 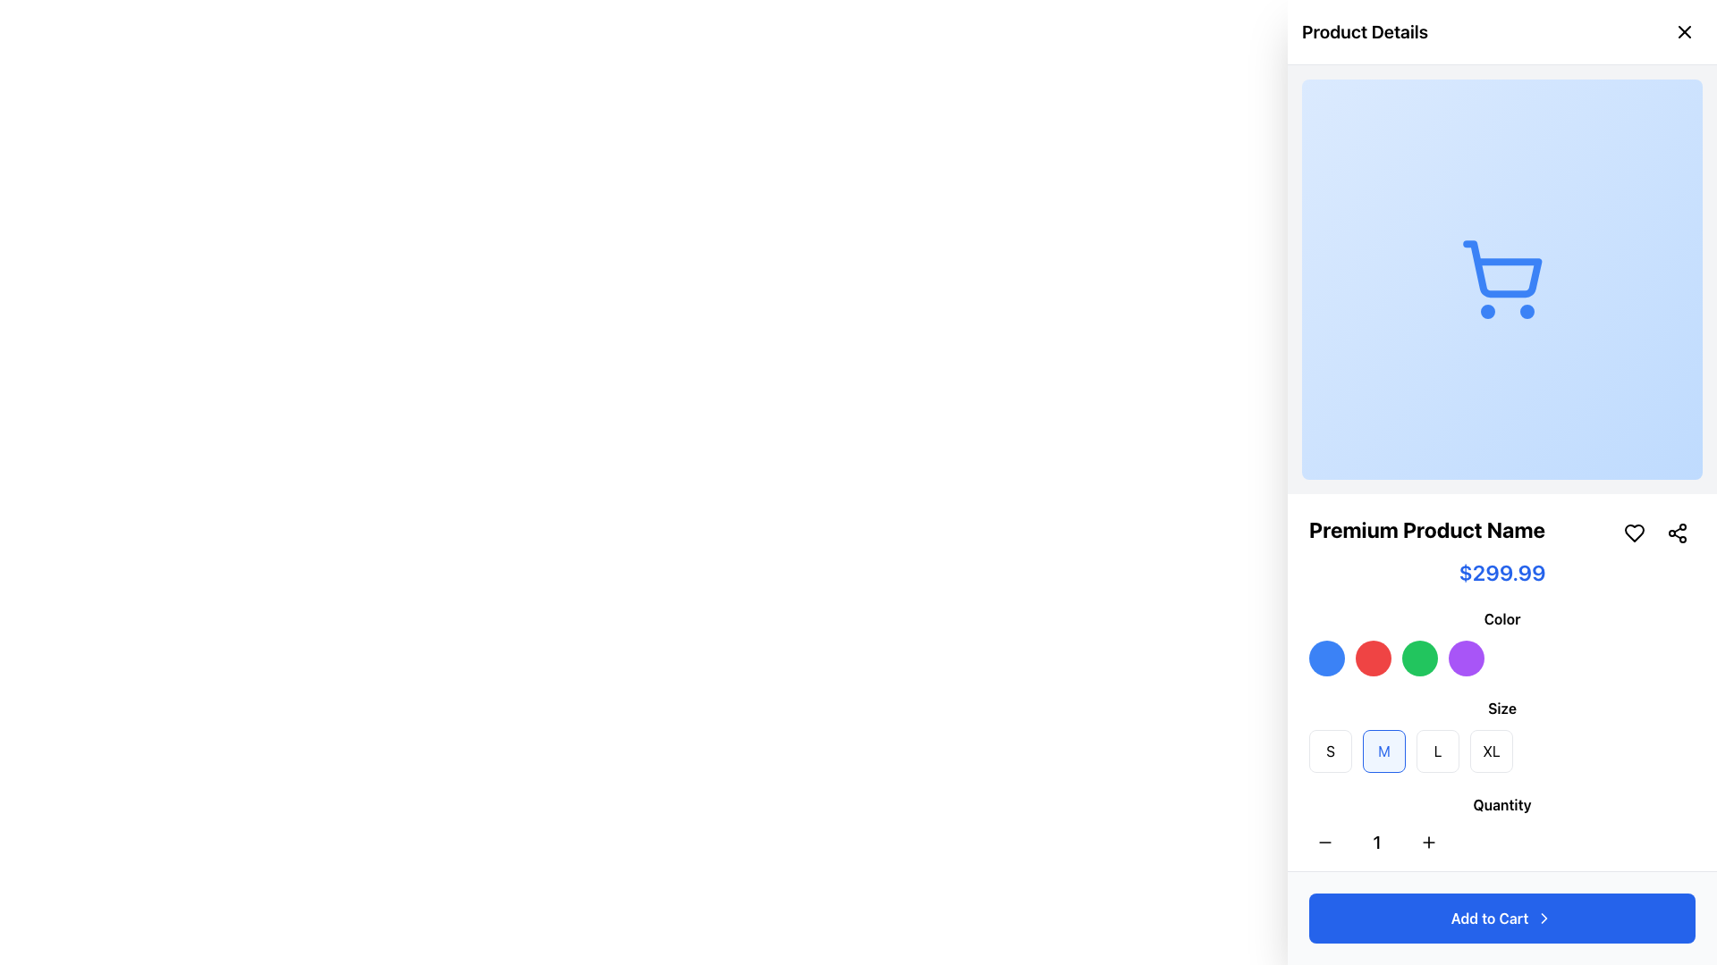 What do you see at coordinates (1325, 842) in the screenshot?
I see `the minus sign button located on the left side of the 'Quantity' section to decrease the quantity` at bounding box center [1325, 842].